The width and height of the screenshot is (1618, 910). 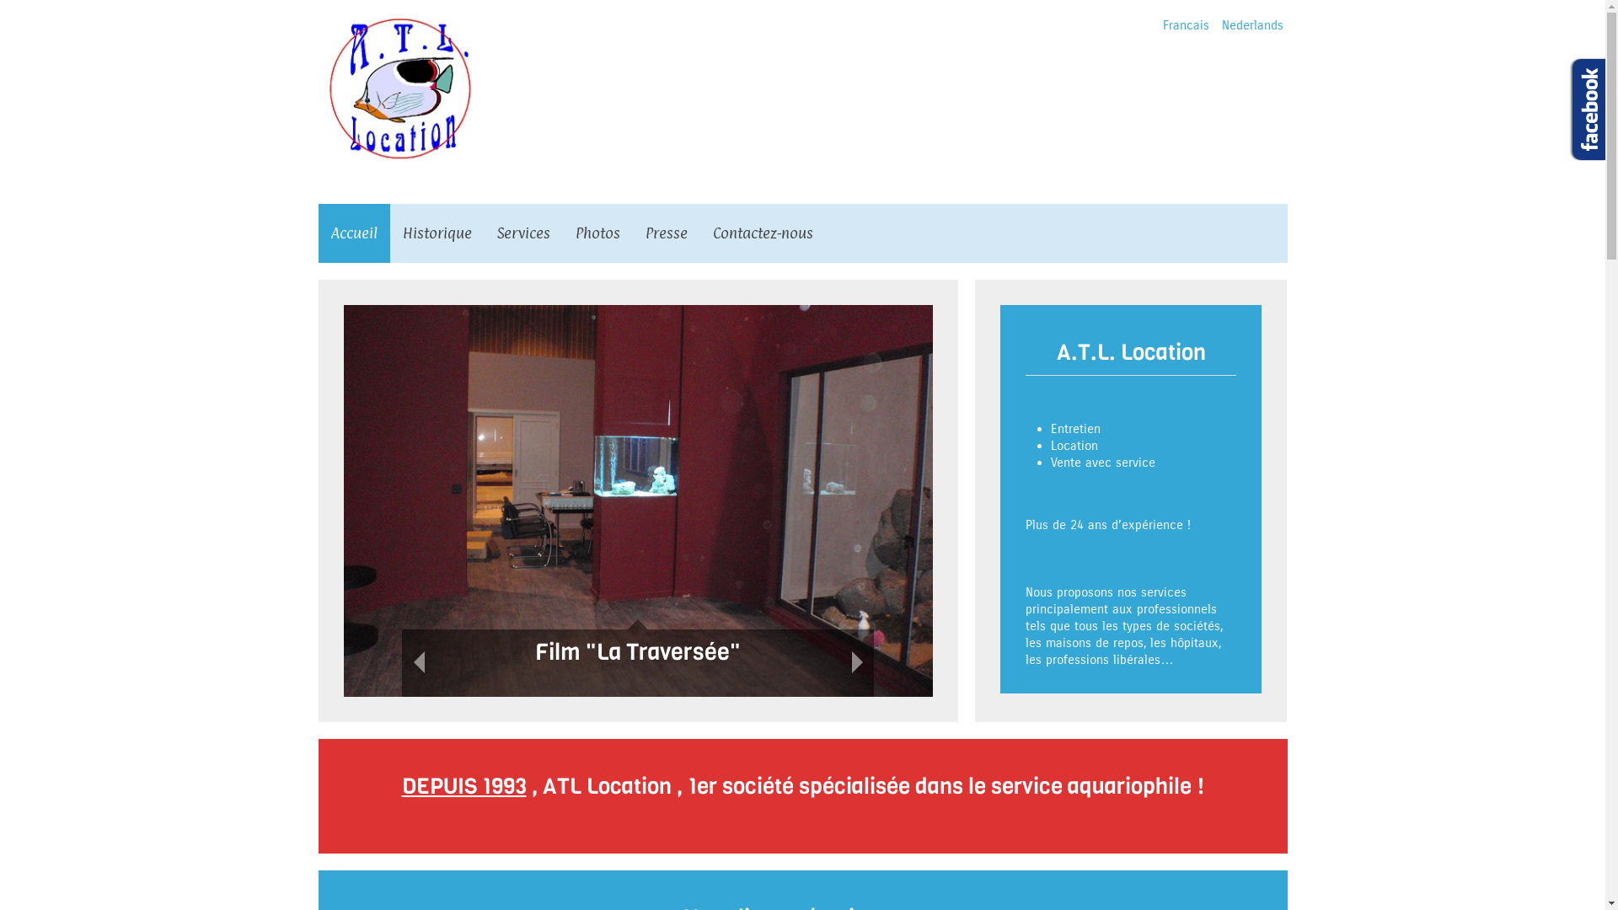 I want to click on 'Contactez-nous', so click(x=761, y=233).